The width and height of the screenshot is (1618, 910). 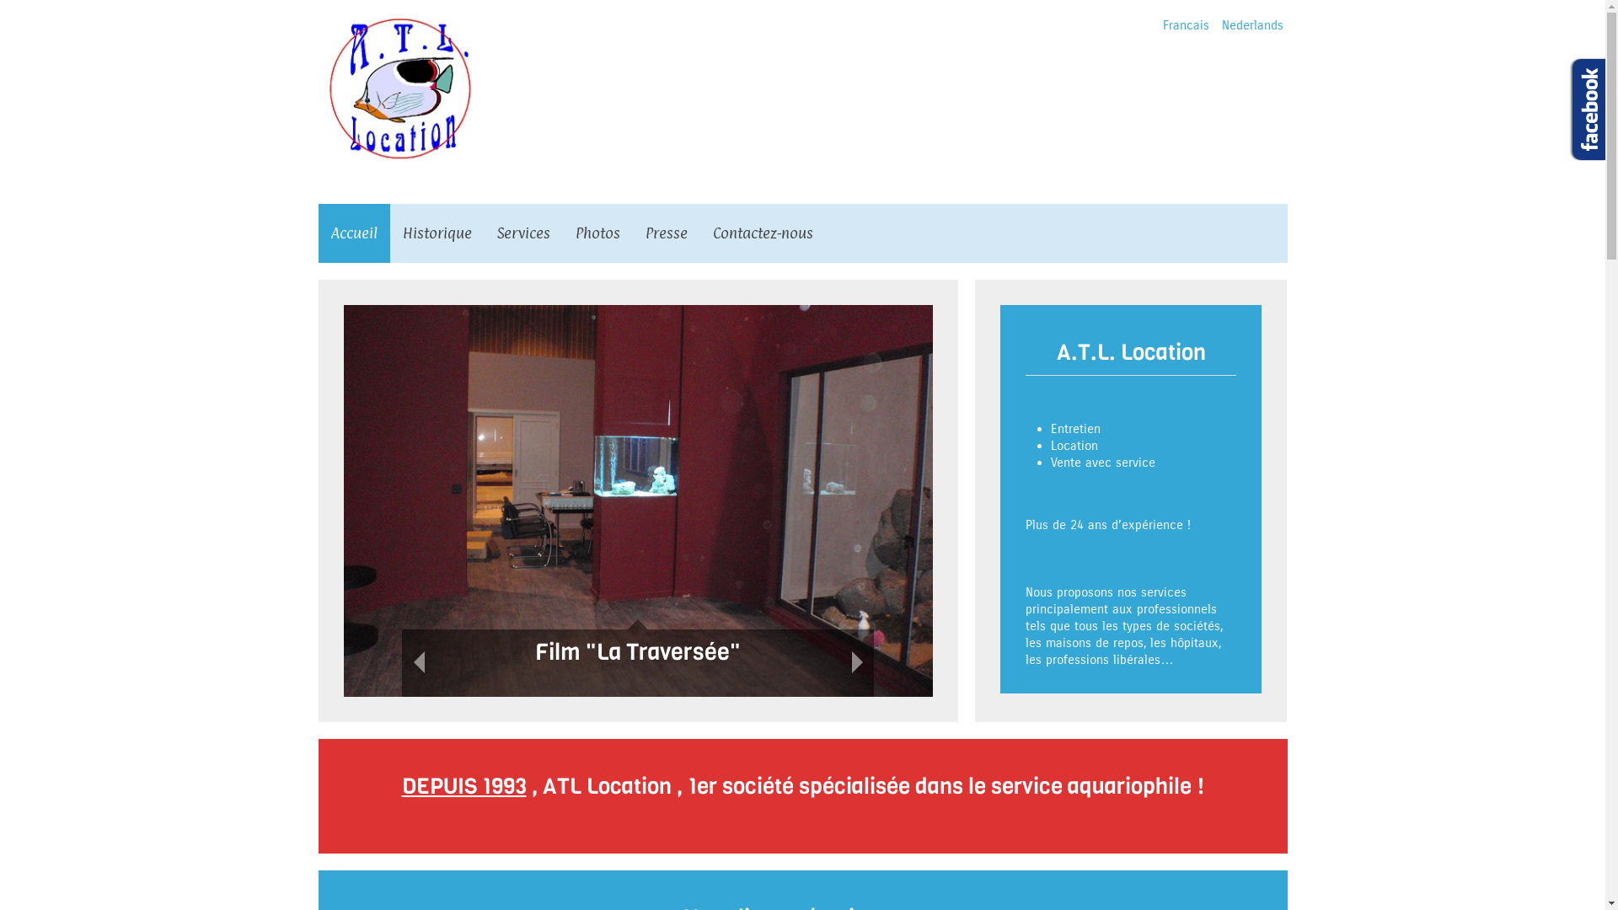 I want to click on 'Contactez-nous', so click(x=761, y=233).